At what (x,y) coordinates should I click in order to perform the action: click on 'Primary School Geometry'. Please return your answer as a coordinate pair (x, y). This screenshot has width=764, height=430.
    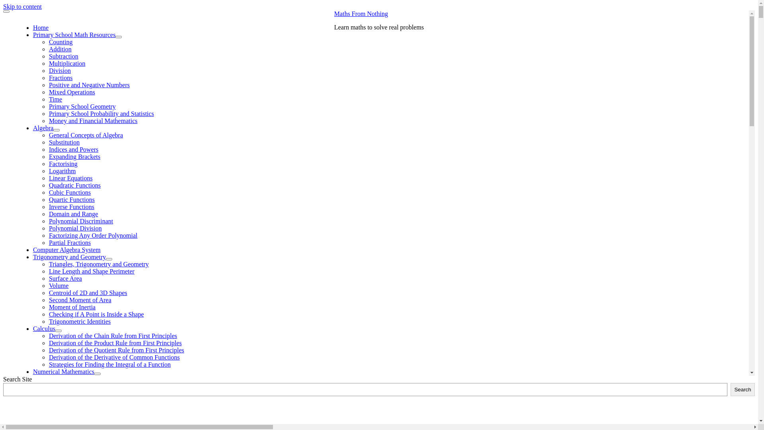
    Looking at the image, I should click on (82, 106).